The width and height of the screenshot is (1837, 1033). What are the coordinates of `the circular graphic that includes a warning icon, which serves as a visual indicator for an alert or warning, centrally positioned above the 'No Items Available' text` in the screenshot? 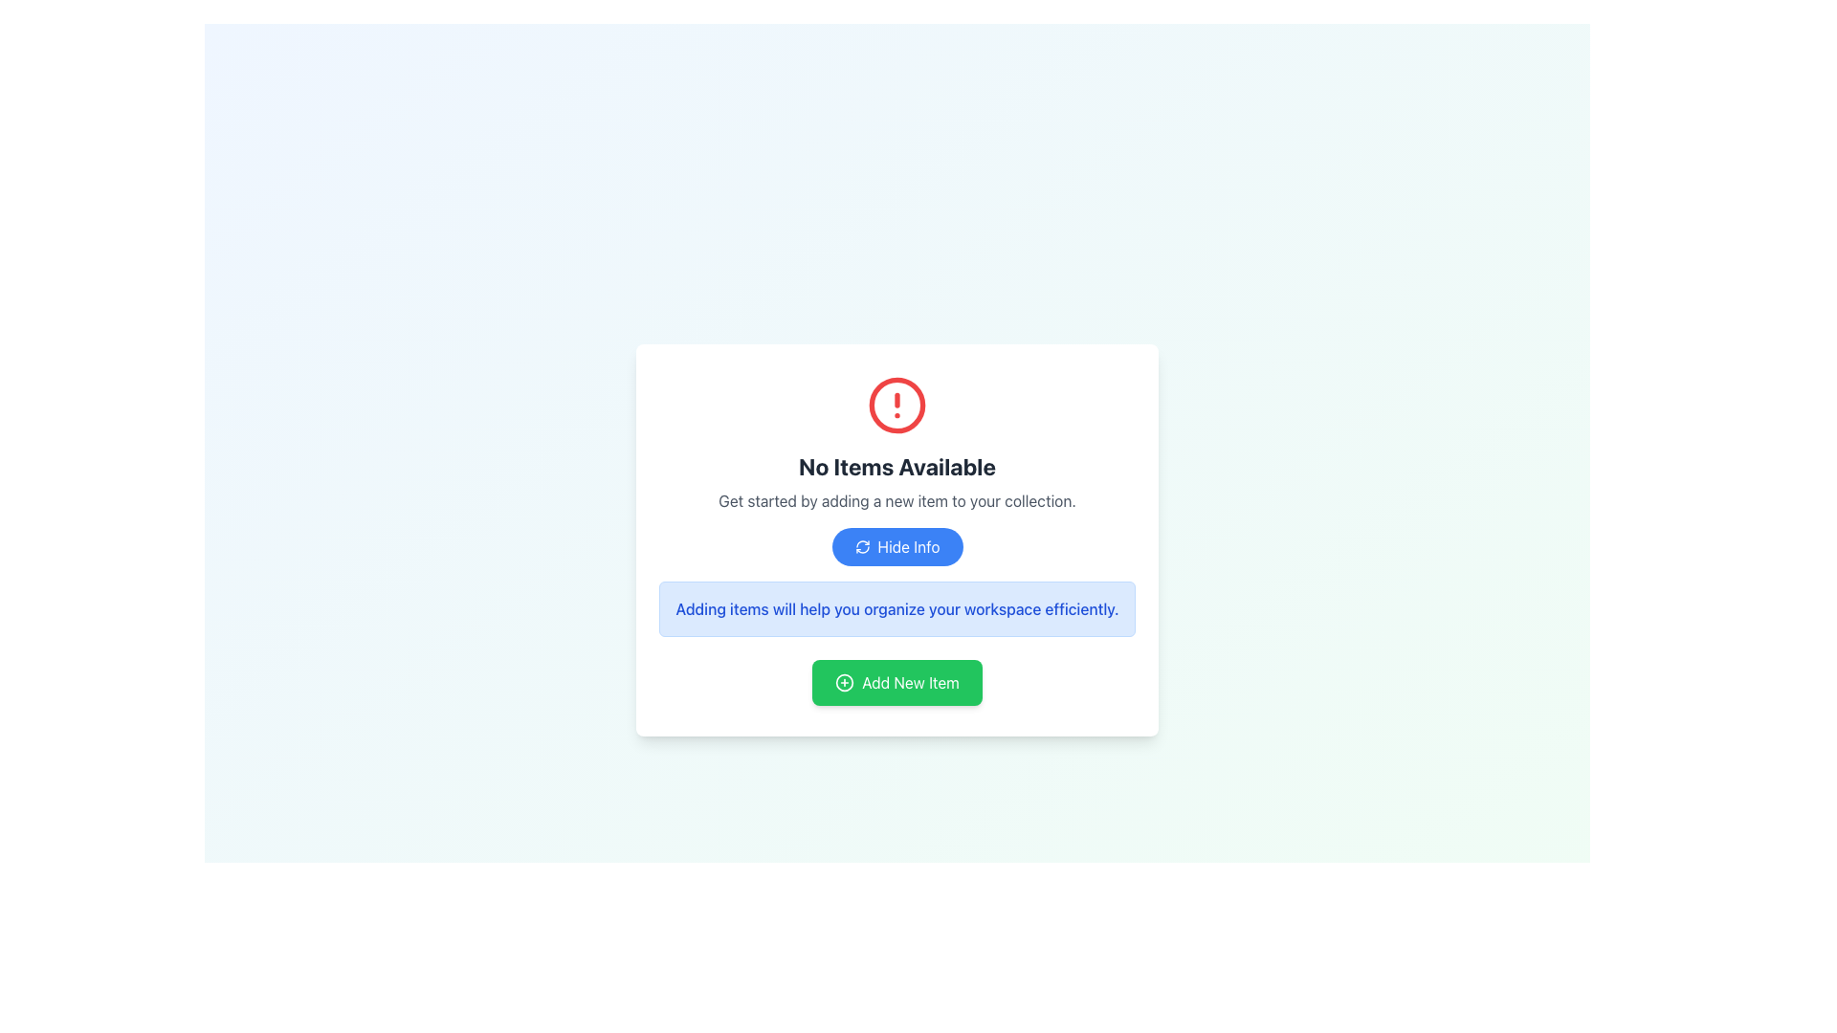 It's located at (896, 405).